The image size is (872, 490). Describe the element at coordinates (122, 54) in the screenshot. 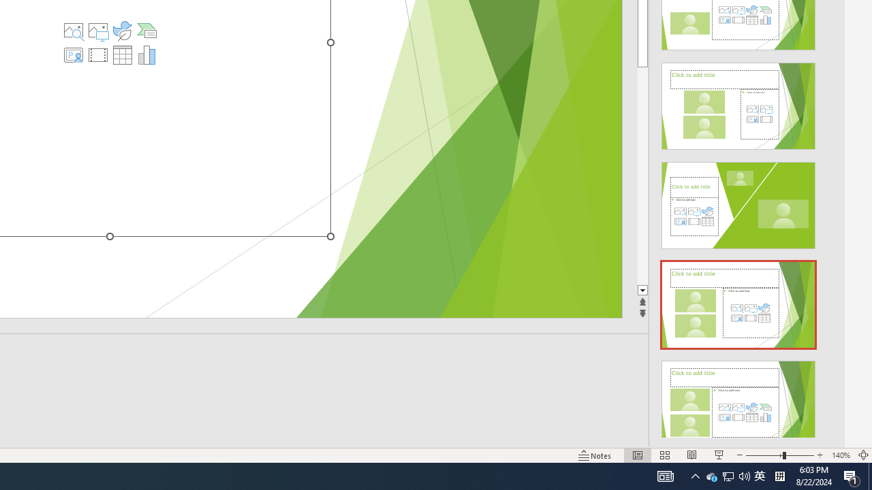

I see `'Insert Table'` at that location.